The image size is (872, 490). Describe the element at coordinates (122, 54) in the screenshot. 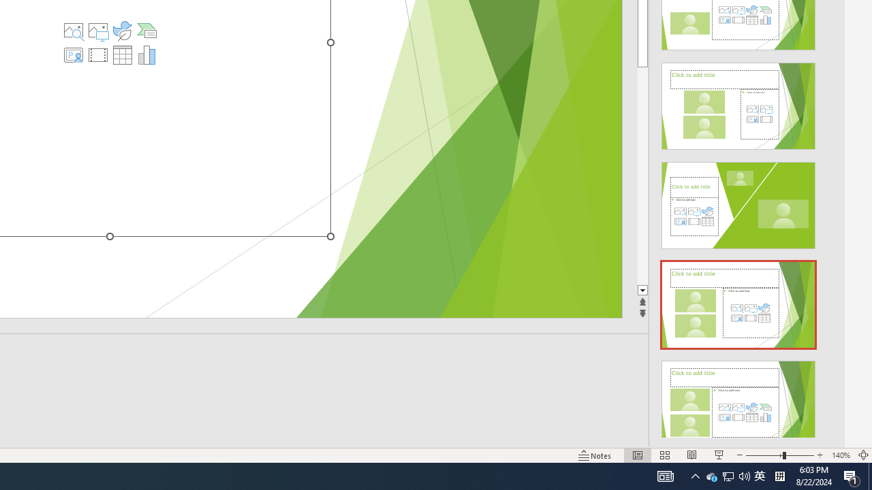

I see `'Insert Table'` at that location.